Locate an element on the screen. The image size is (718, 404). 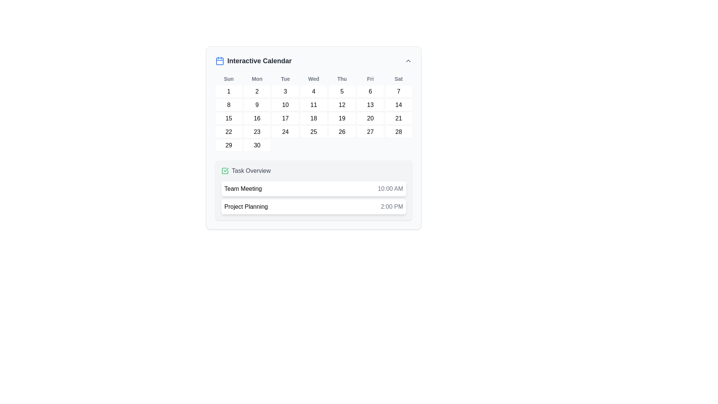
the button representing the day '14' in the calendar interface is located at coordinates (398, 105).